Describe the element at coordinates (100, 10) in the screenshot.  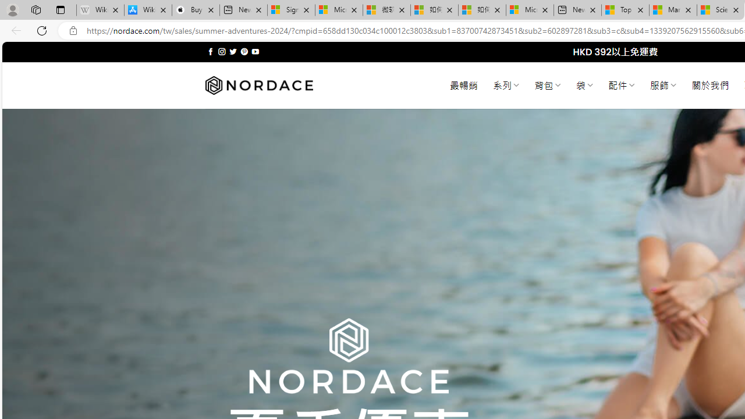
I see `'Wikipedia - Sleeping'` at that location.